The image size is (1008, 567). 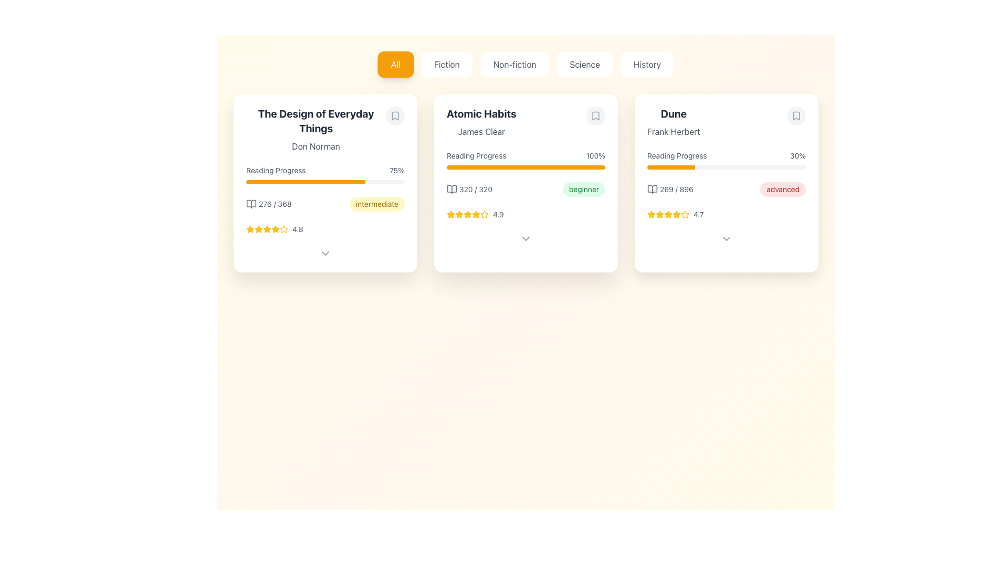 What do you see at coordinates (526, 160) in the screenshot?
I see `the 'Reading Progress' element which includes the text label 'Reading Progress', the percentage indicator '100%', and the orange progress bar, located in the middle section of the 'Atomic Habits' card` at bounding box center [526, 160].